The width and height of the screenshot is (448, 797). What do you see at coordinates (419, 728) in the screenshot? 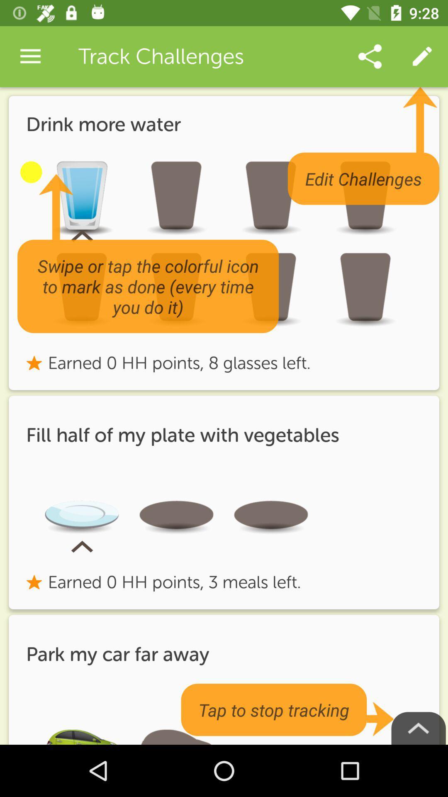
I see `the expand_less icon` at bounding box center [419, 728].